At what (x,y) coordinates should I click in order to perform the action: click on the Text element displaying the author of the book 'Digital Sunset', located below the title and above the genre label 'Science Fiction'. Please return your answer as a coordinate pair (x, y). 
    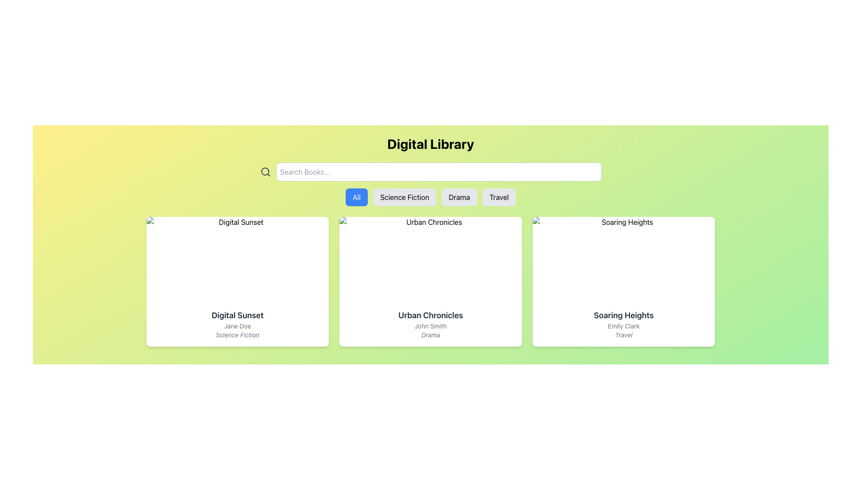
    Looking at the image, I should click on (237, 326).